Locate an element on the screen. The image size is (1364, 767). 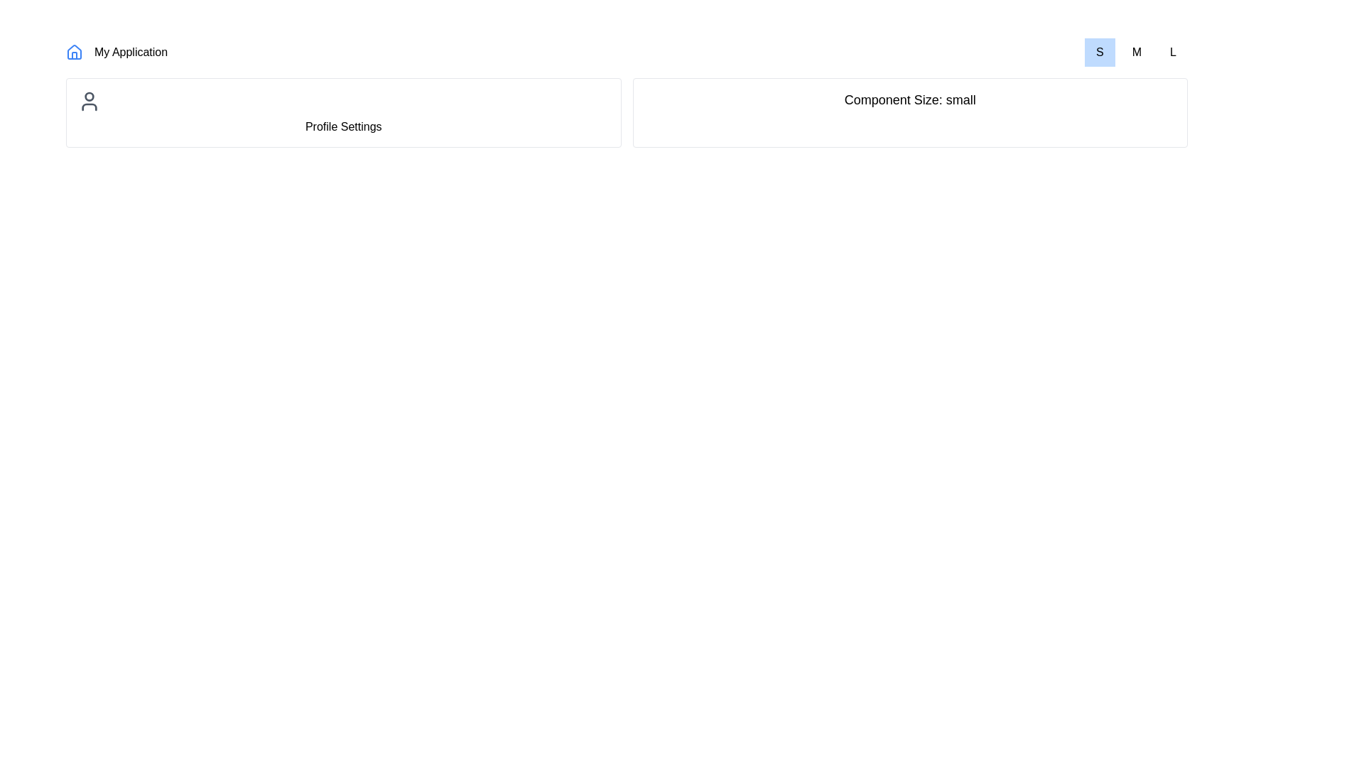
the 'Home' icon located in the top-left corner of the interface near the application title, 'My Application.' is located at coordinates (74, 51).